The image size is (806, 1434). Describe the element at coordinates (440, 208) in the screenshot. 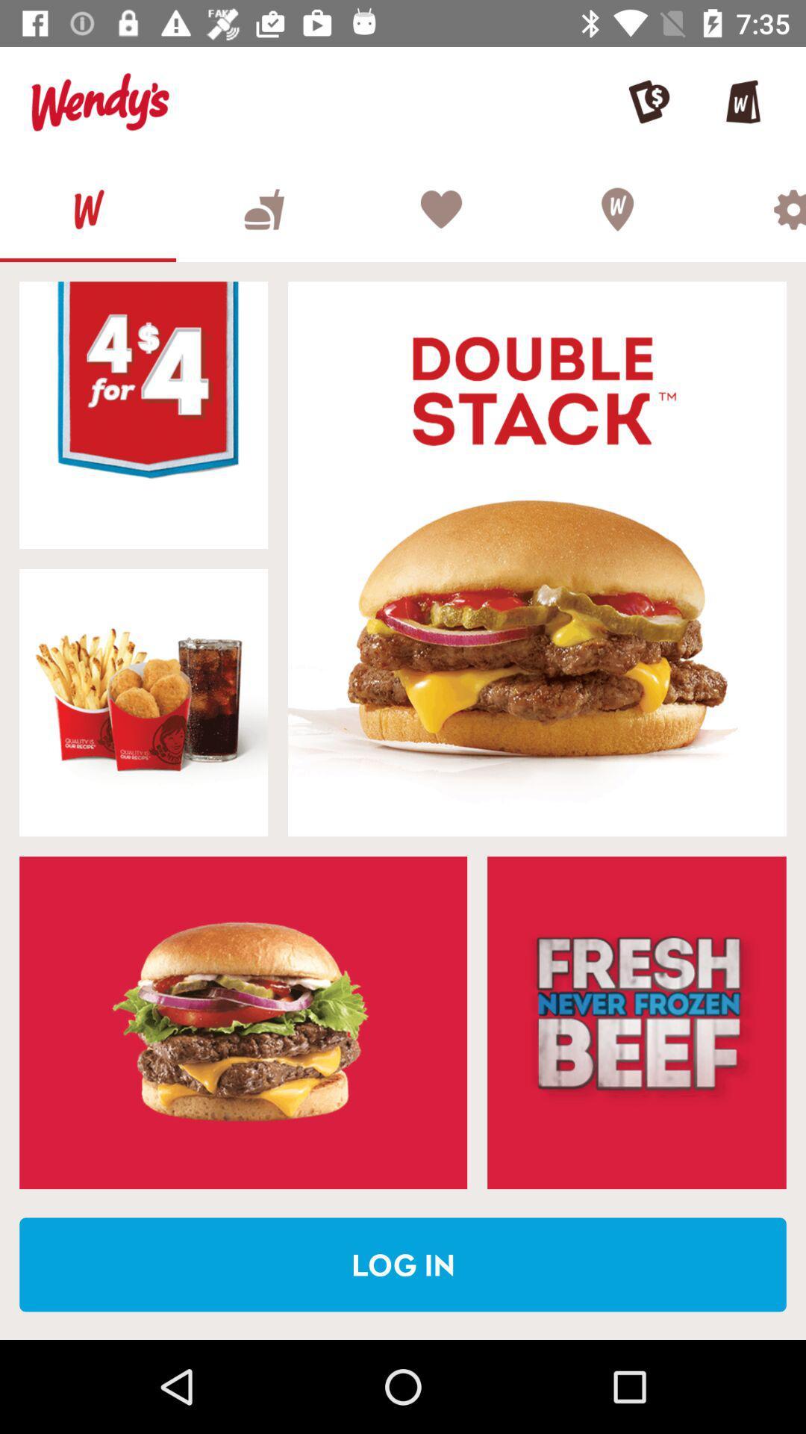

I see `favorites` at that location.